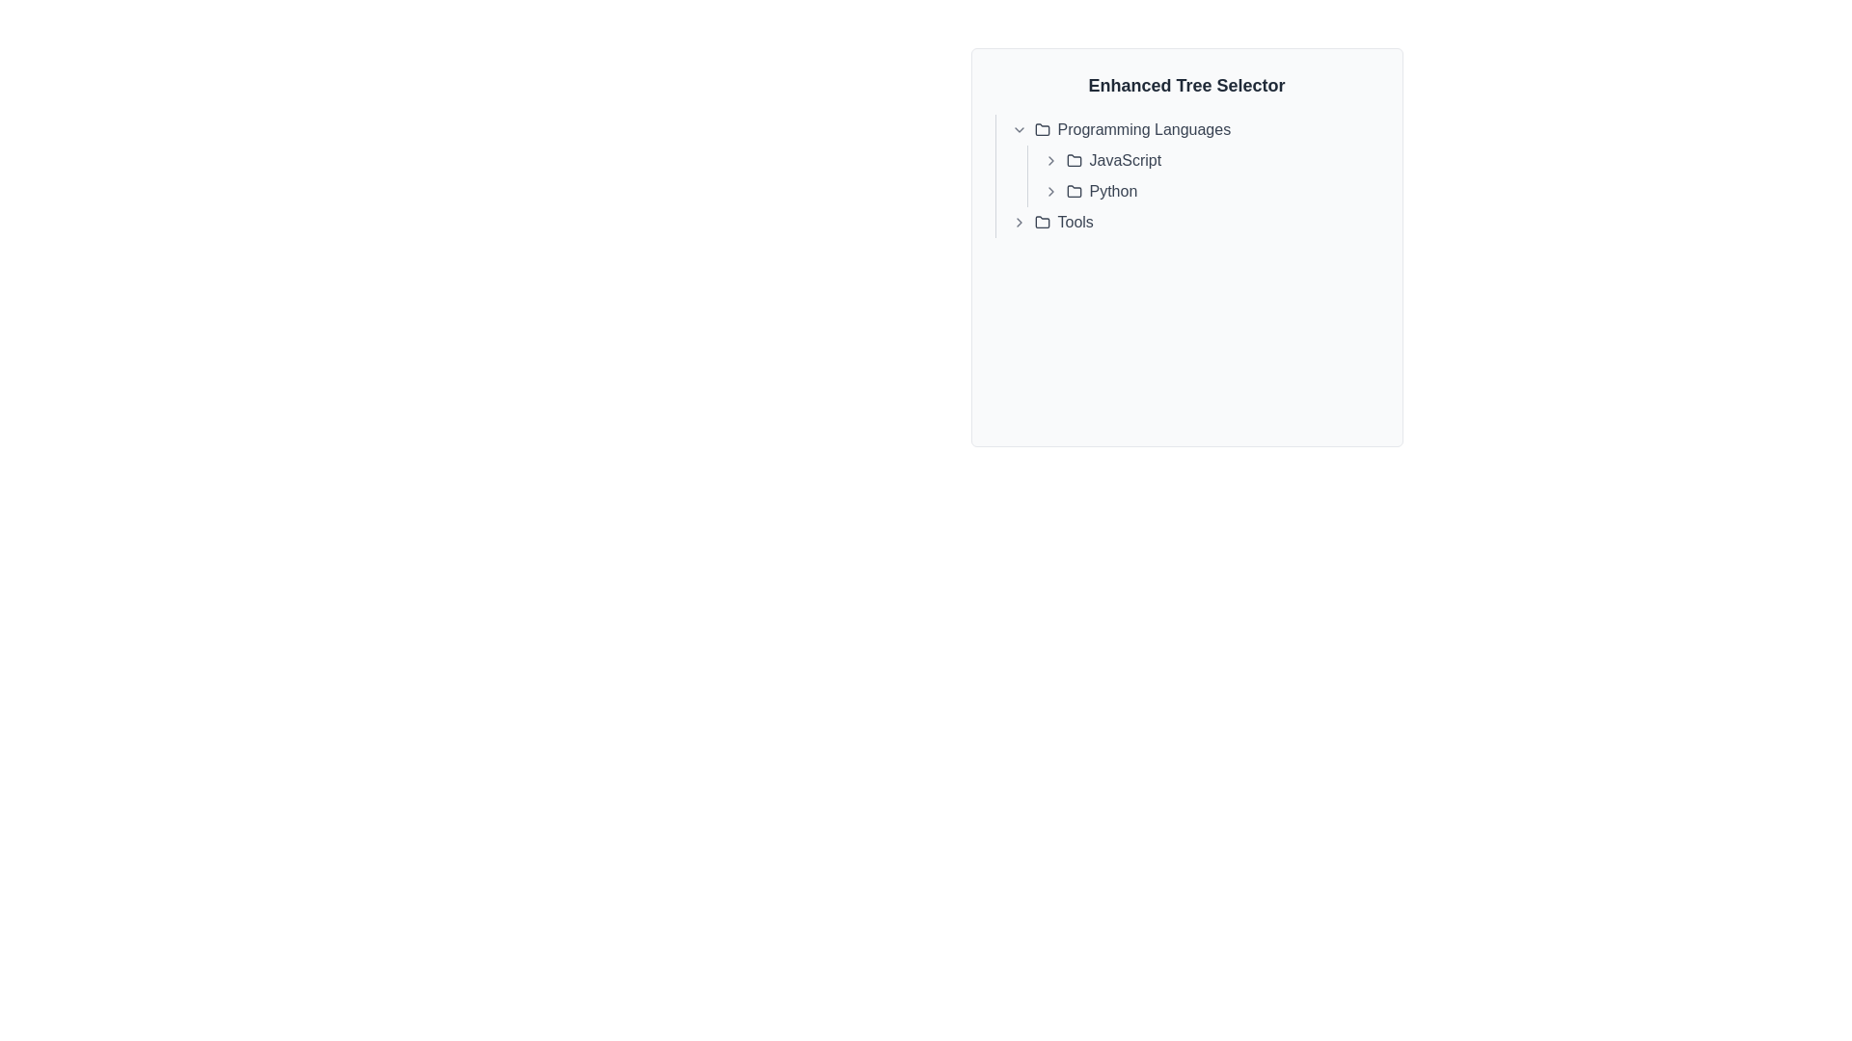  What do you see at coordinates (1041, 221) in the screenshot?
I see `the folder icon located at the bottom-left area of the expanded menu panel, adjacent to the 'Tools' text` at bounding box center [1041, 221].